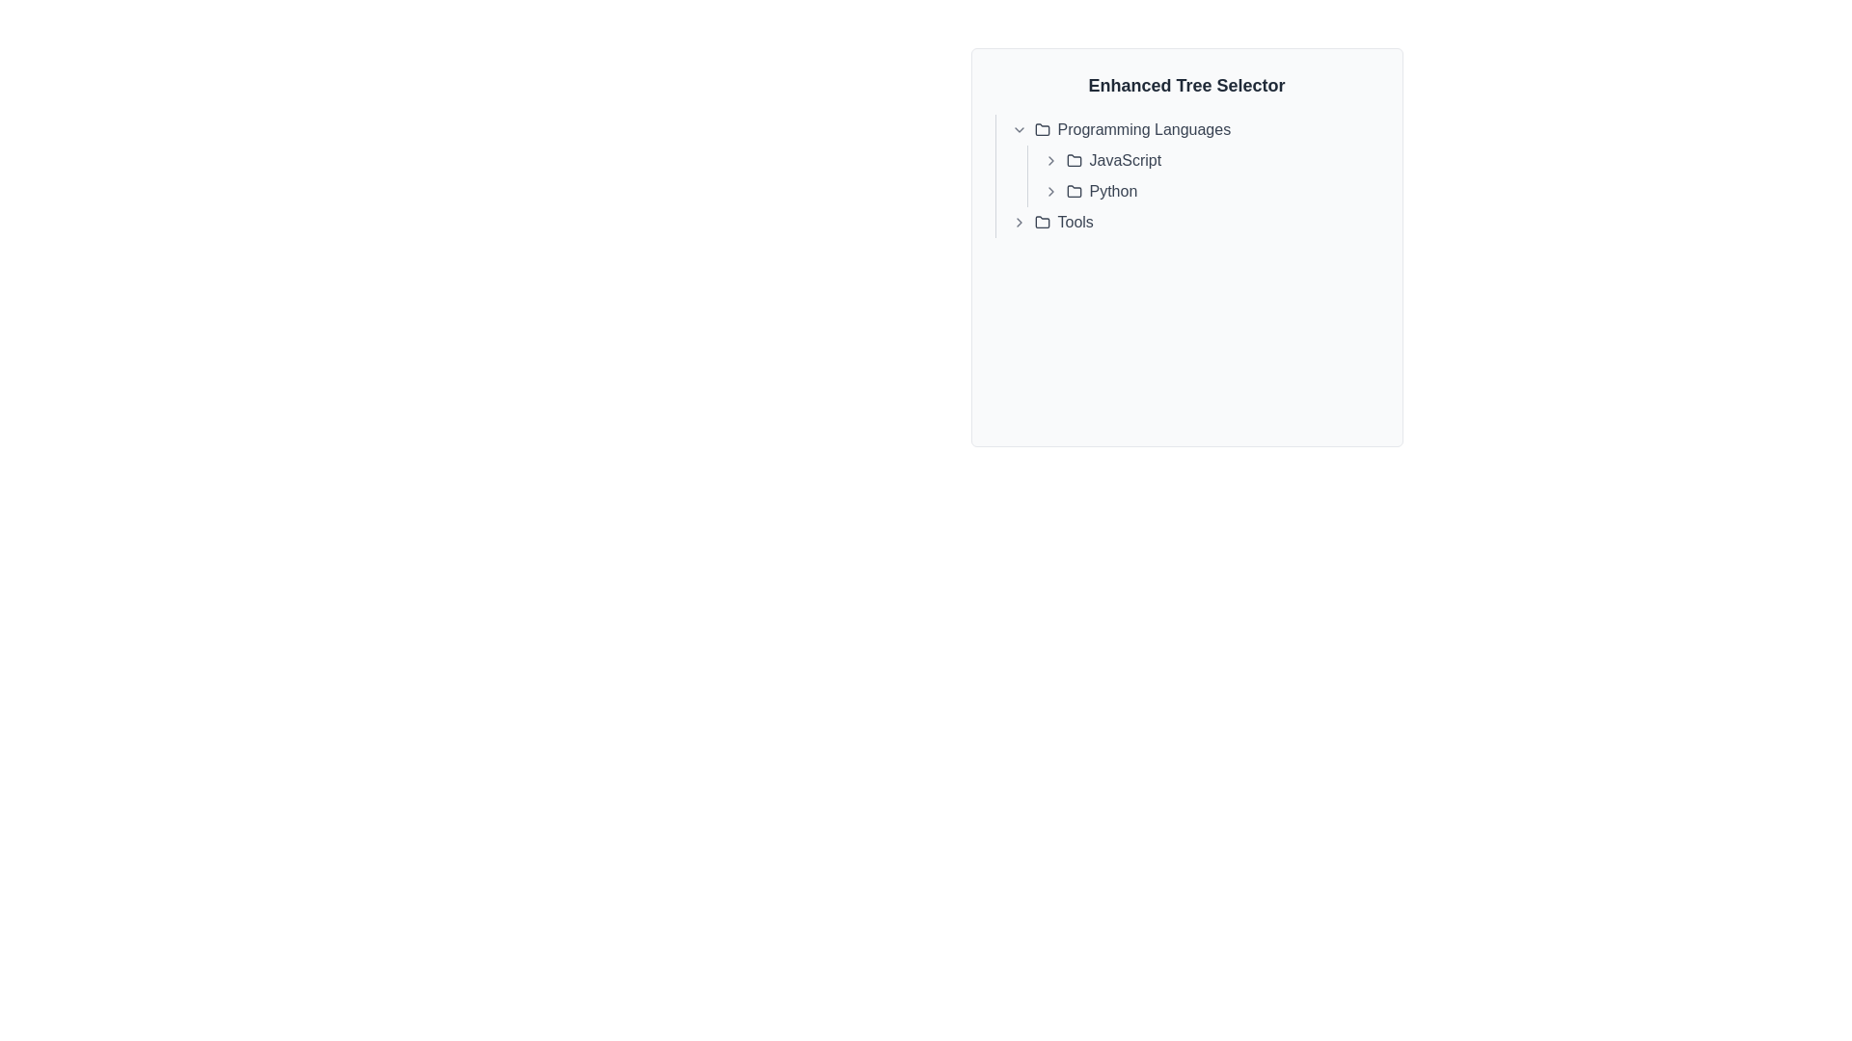  What do you see at coordinates (1041, 221) in the screenshot?
I see `the folder icon located at the bottom-left area of the expanded menu panel, adjacent to the 'Tools' text` at bounding box center [1041, 221].